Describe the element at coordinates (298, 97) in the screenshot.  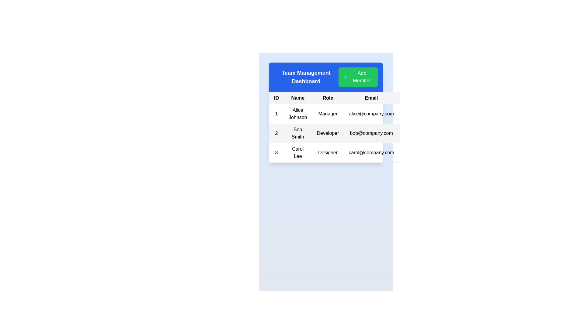
I see `the 'Name' column header in the table, which is a static text label indicating the corresponding column contains names` at that location.